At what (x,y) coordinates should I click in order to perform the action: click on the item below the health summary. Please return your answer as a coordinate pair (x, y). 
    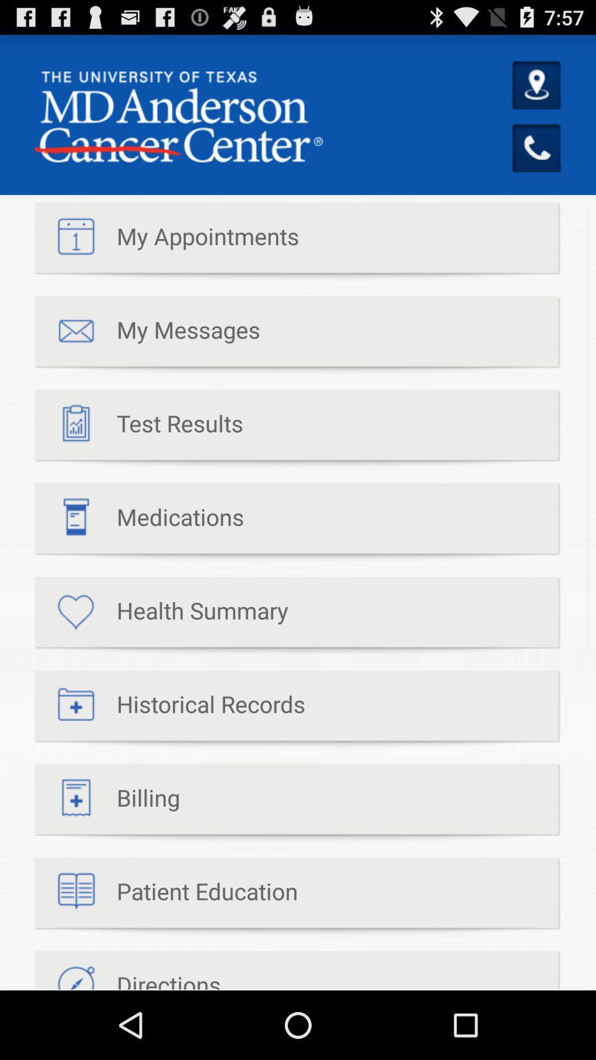
    Looking at the image, I should click on (170, 709).